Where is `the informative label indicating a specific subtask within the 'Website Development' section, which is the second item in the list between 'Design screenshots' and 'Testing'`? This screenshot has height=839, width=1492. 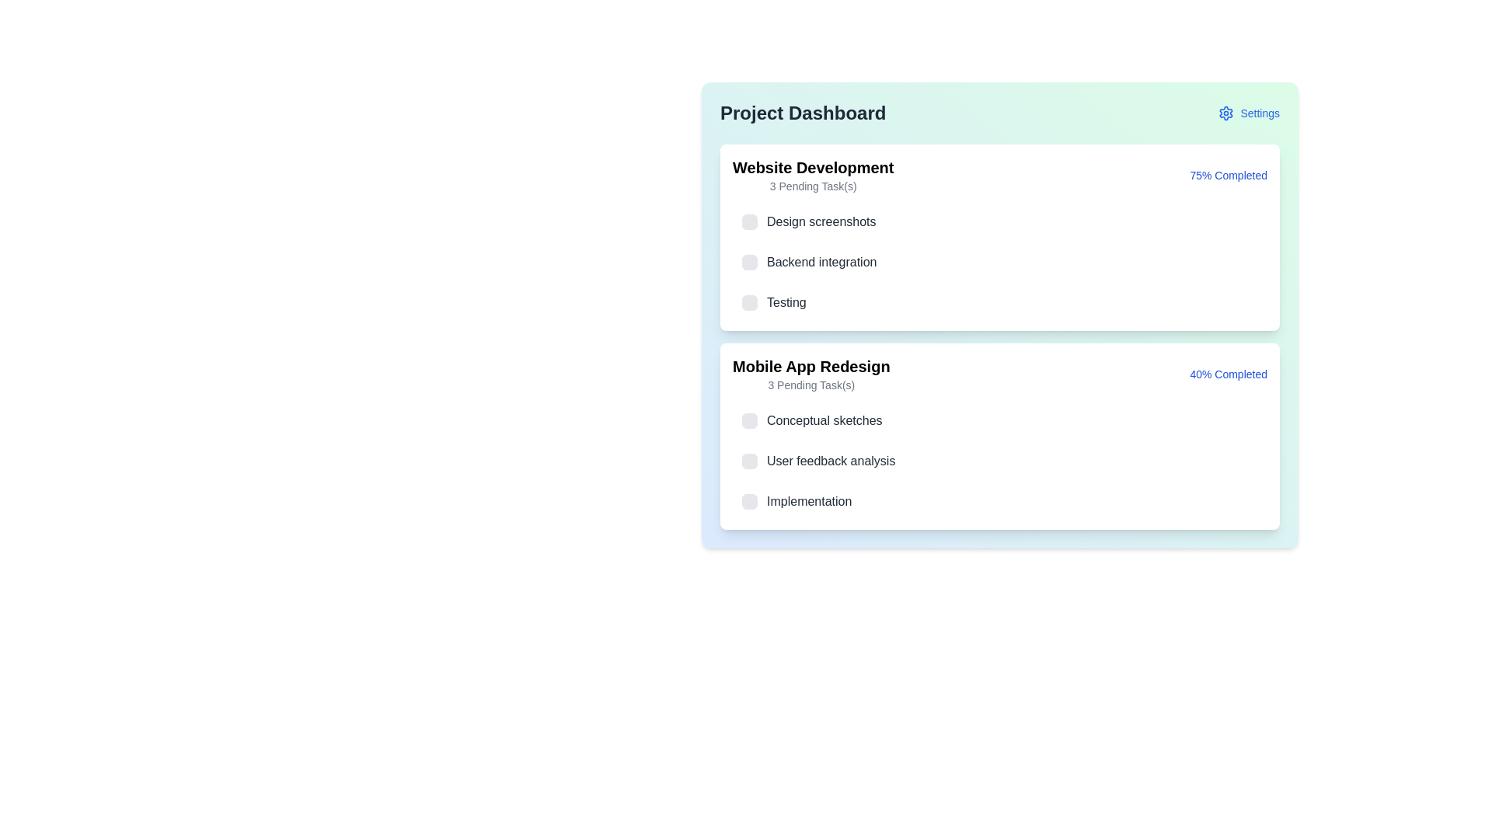
the informative label indicating a specific subtask within the 'Website Development' section, which is the second item in the list between 'Design screenshots' and 'Testing' is located at coordinates (821, 262).